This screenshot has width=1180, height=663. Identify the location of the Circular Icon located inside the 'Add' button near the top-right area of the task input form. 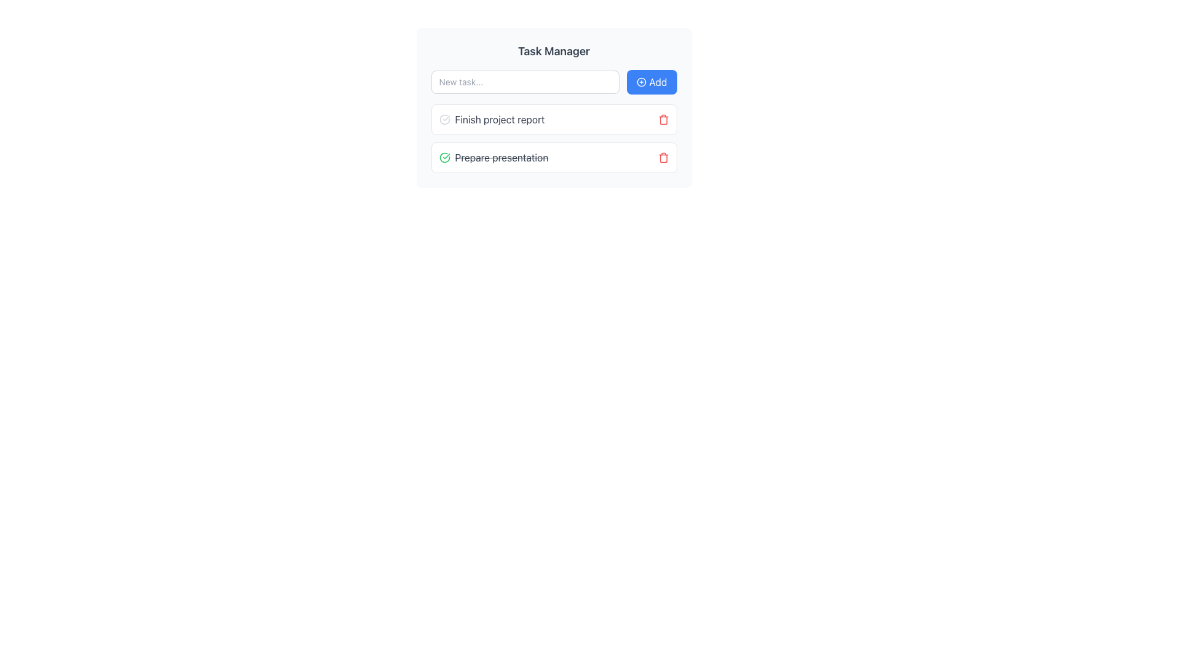
(641, 82).